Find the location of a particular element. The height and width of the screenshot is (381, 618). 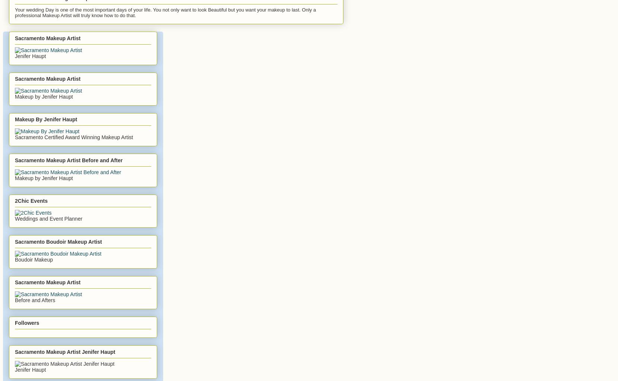

'Your wedding Day is one of the most important days of your life. You not only want to look Beautiful but you want your makeup to last. Only a professional Makeup Artist will truly know how to do that.' is located at coordinates (165, 12).